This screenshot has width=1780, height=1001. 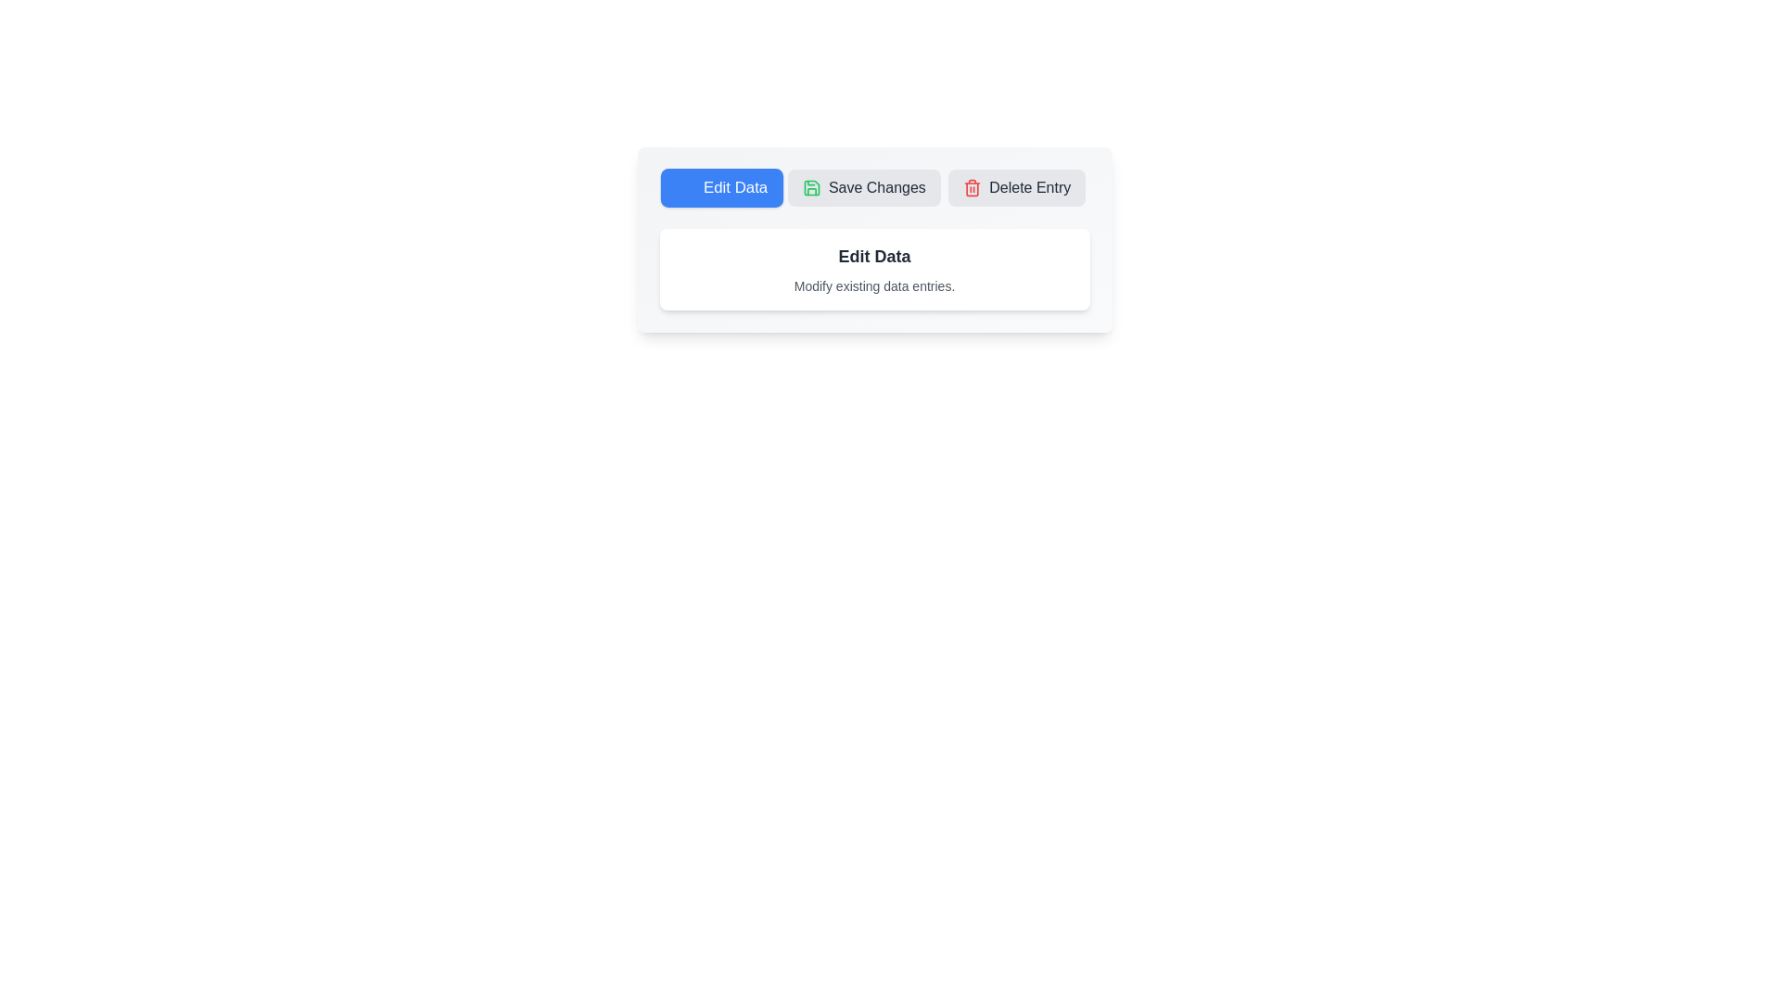 What do you see at coordinates (1016, 188) in the screenshot?
I see `the 'Delete Entry' tab to activate its functionality` at bounding box center [1016, 188].